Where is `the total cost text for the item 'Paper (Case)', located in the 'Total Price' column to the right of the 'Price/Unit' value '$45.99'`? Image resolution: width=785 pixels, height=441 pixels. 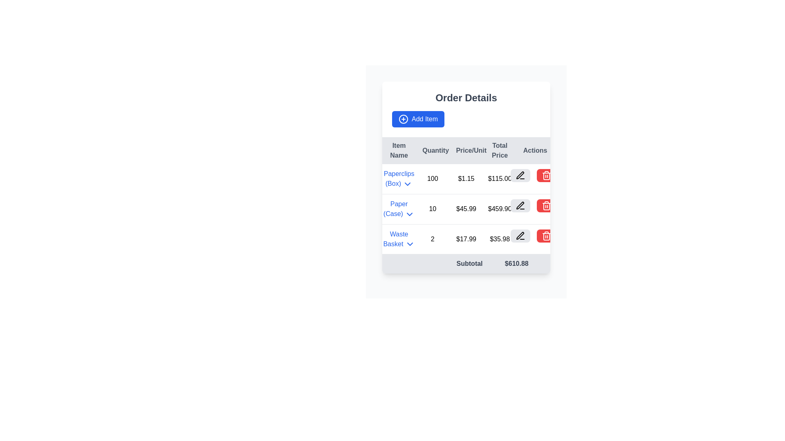
the total cost text for the item 'Paper (Case)', located in the 'Total Price' column to the right of the 'Price/Unit' value '$45.99' is located at coordinates (499, 209).